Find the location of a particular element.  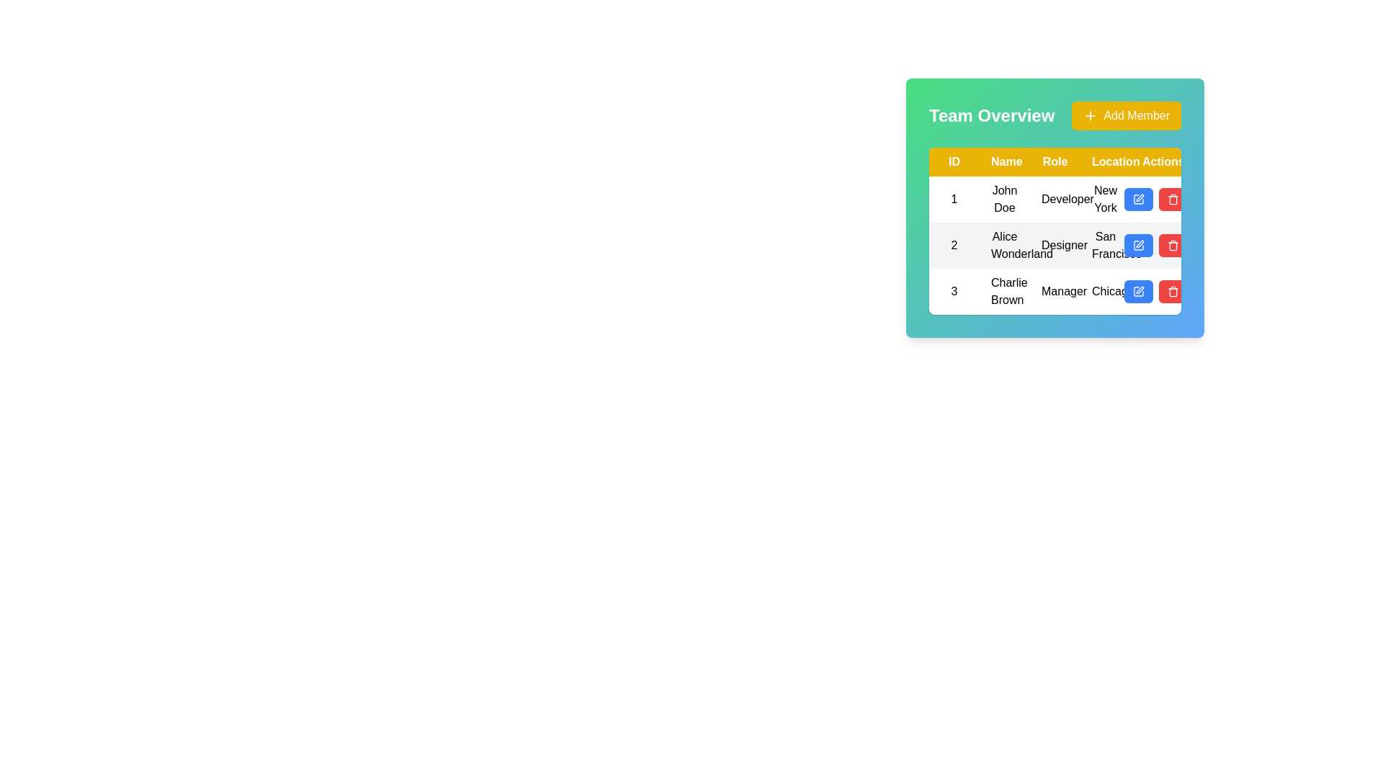

the text label displaying 'Charlie Brown' in the second column of the table under the 'Name' header, which is positioned in the third row of the 'Team Overview' is located at coordinates (1004, 292).